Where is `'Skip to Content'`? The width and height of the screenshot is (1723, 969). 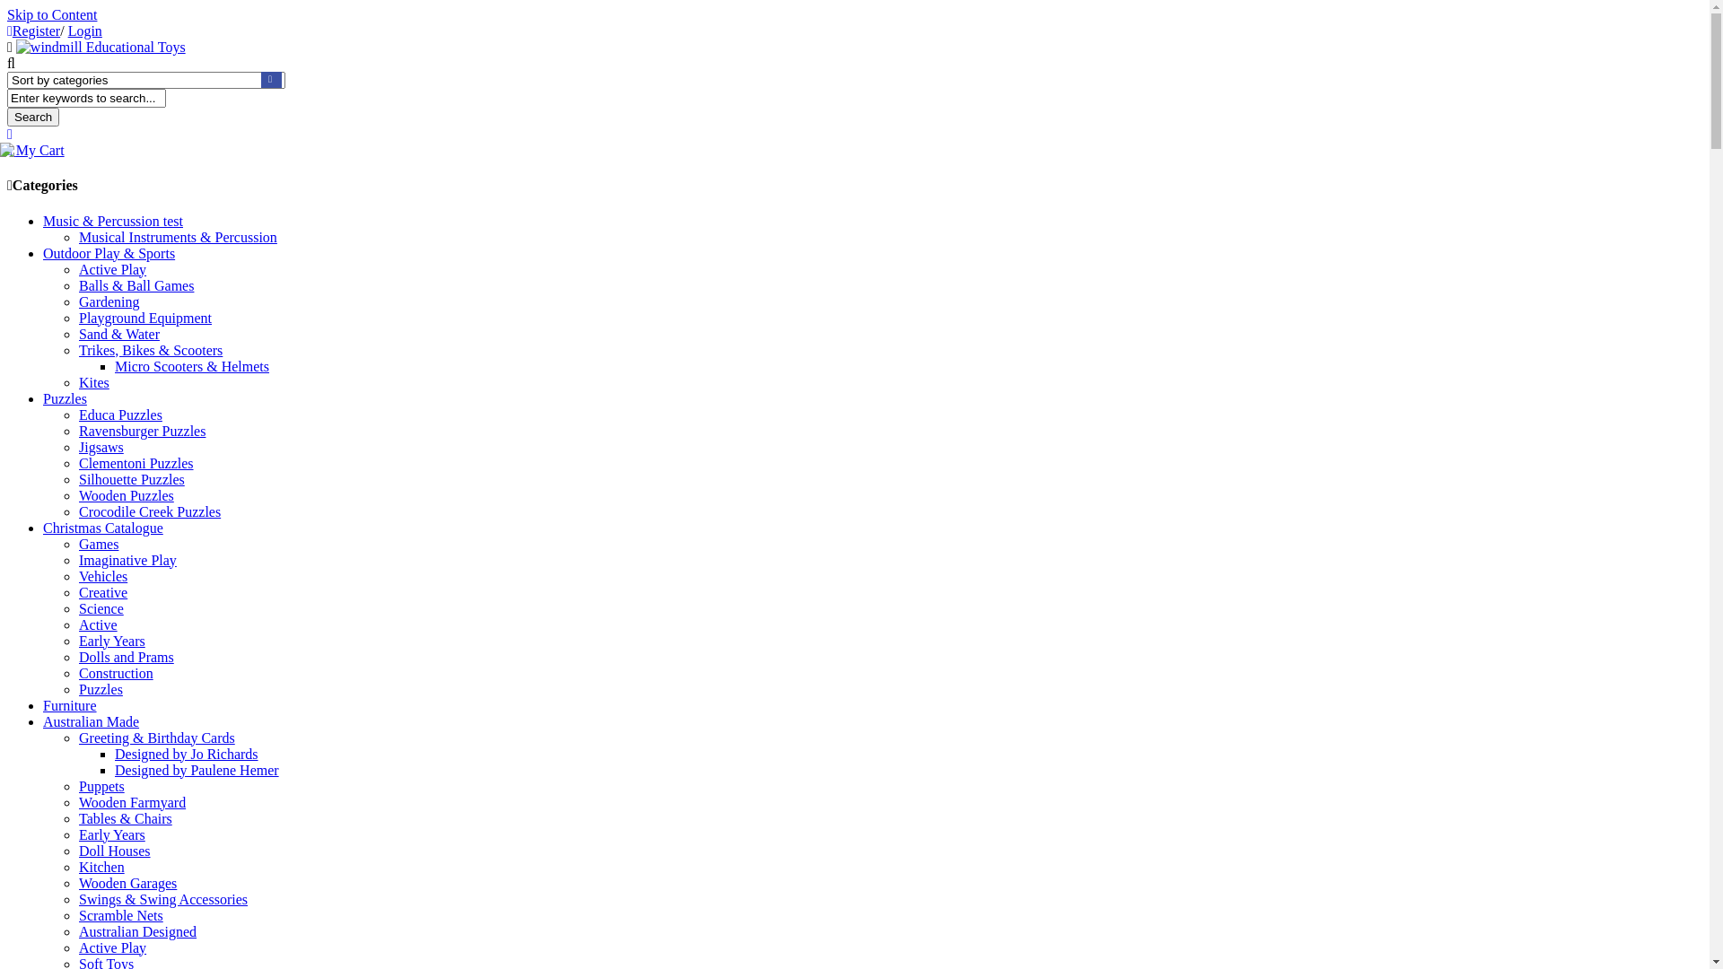 'Skip to Content' is located at coordinates (51, 14).